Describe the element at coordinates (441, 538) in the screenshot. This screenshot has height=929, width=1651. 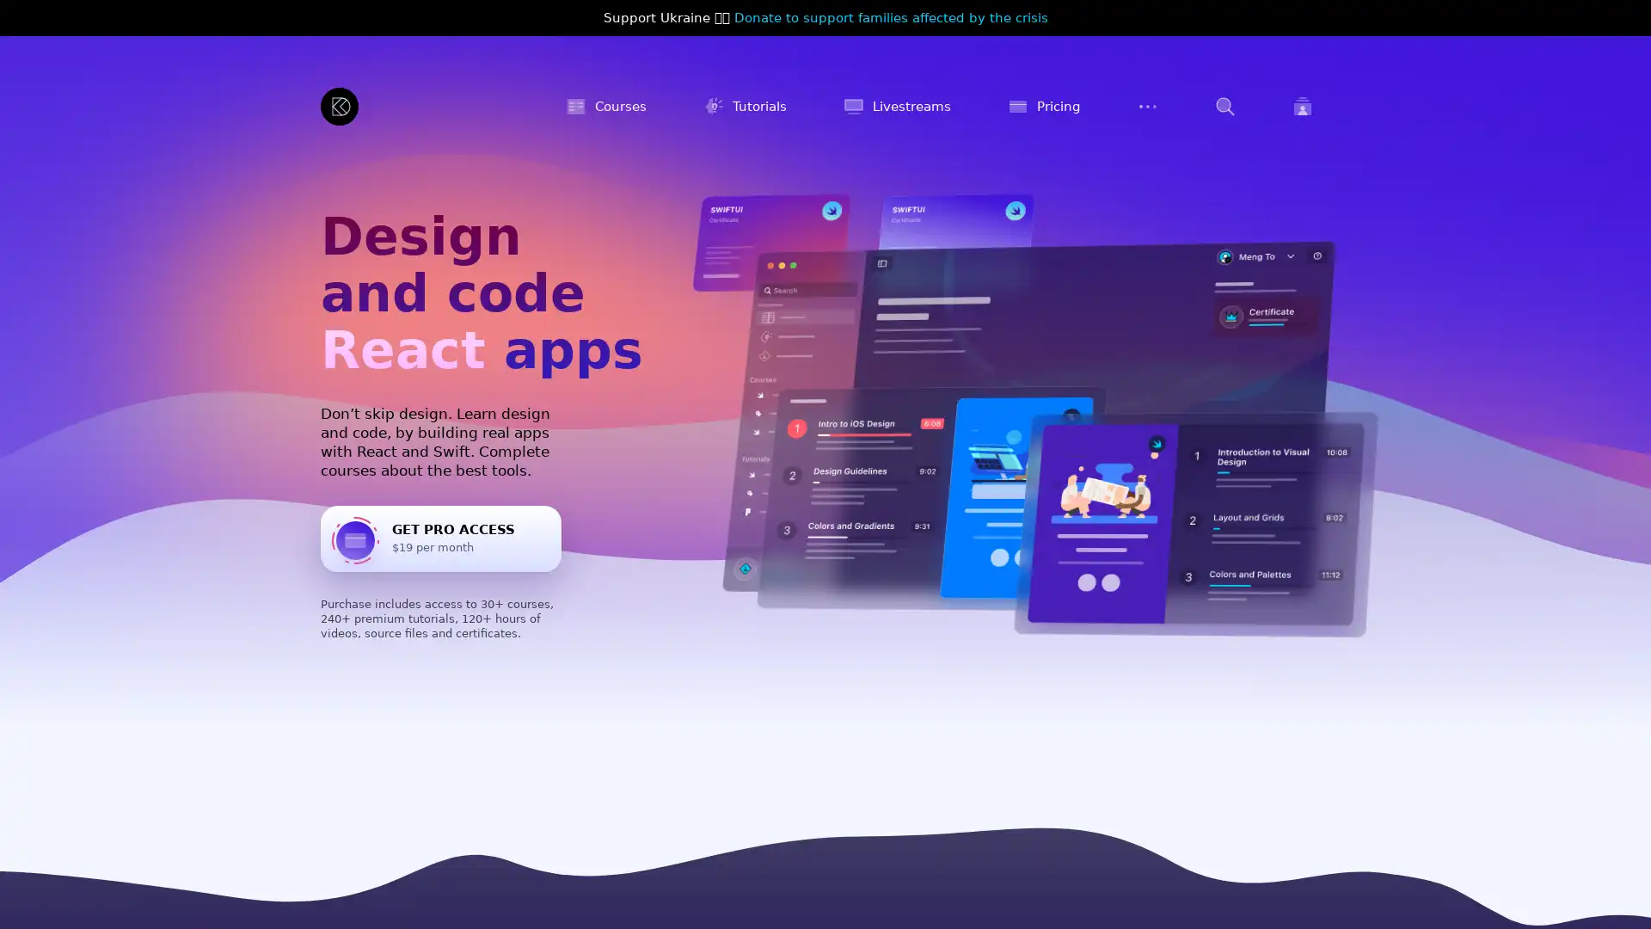
I see `Get Pro Access icon GET PRO ACCESS $19 per month` at that location.